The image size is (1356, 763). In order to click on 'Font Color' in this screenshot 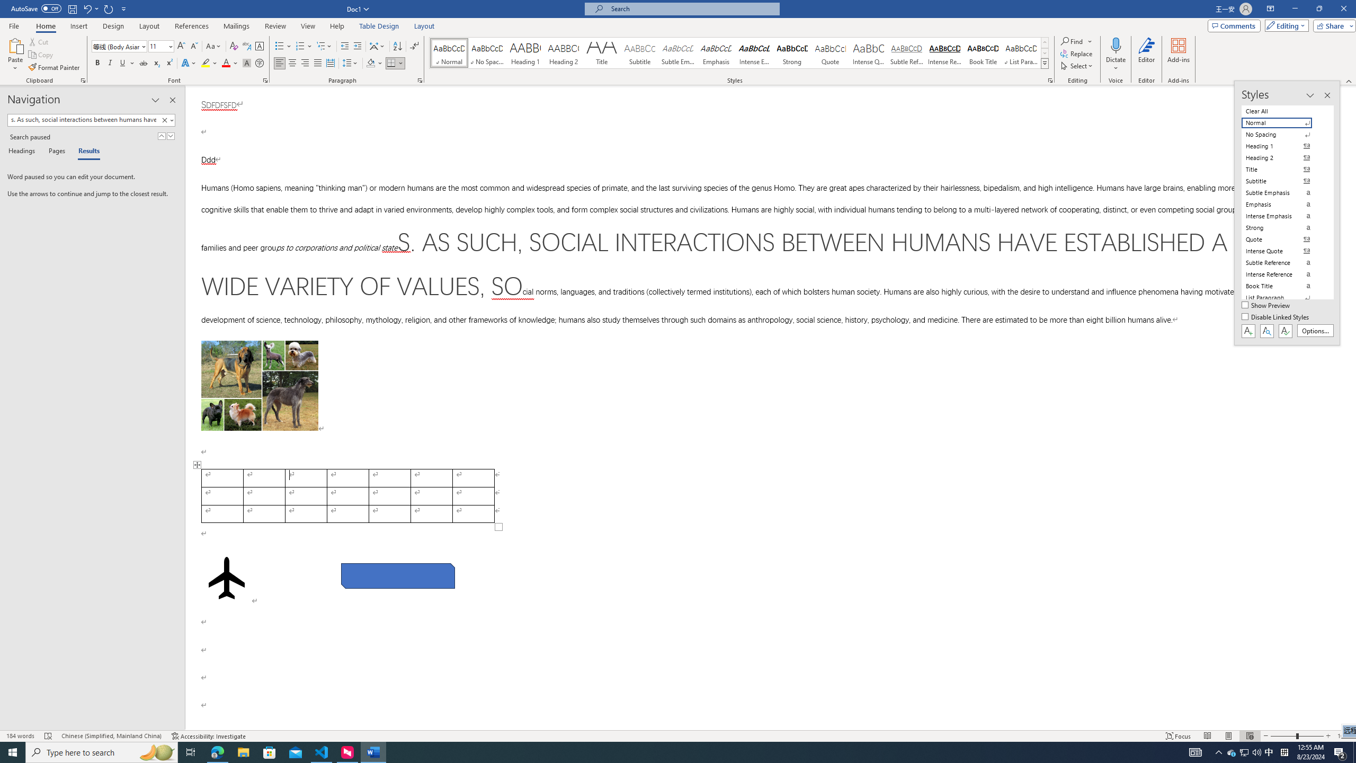, I will do `click(229, 63)`.